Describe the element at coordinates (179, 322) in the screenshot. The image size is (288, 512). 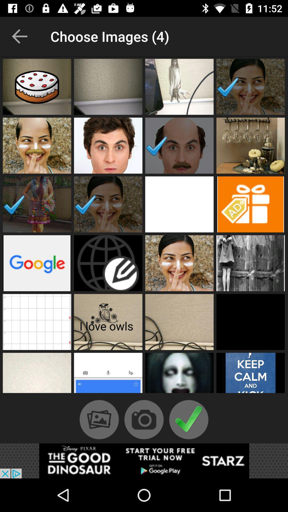
I see `choose the image` at that location.